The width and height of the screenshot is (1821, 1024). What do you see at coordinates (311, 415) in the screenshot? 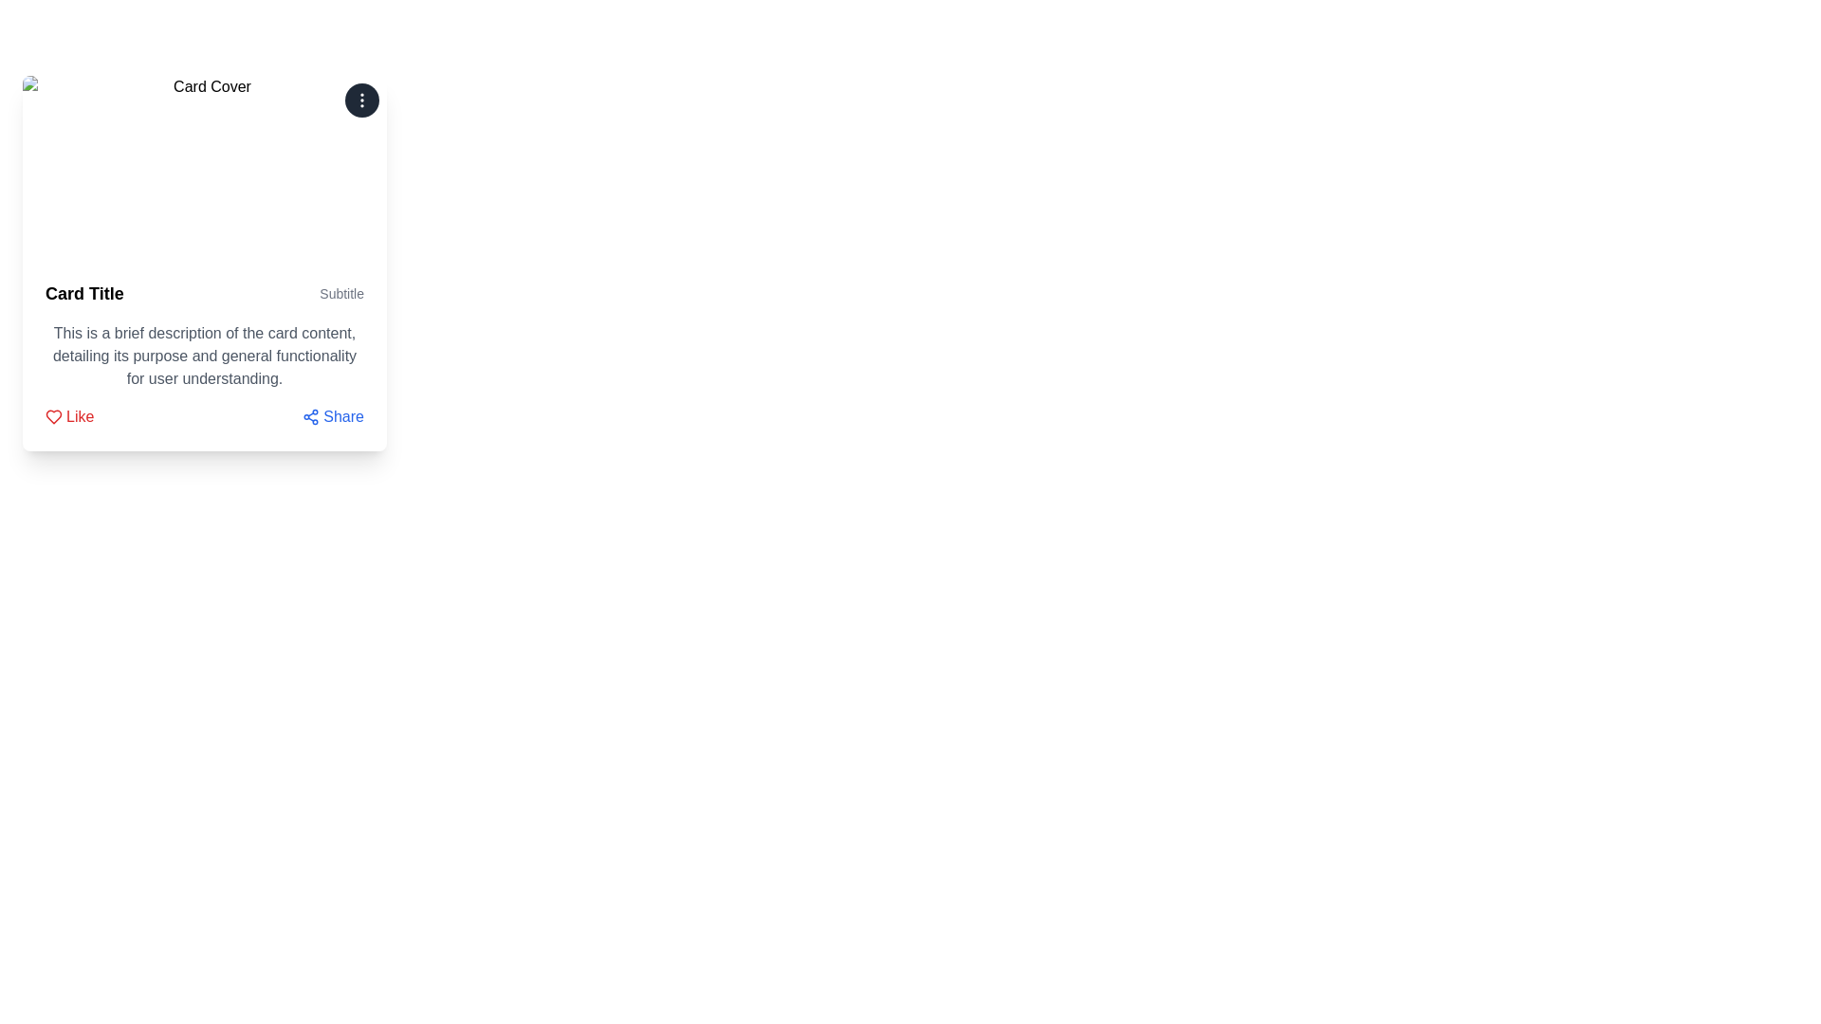
I see `the share icon button located at the bottom-right corner of the card, adjacent to the 'Share' label` at bounding box center [311, 415].